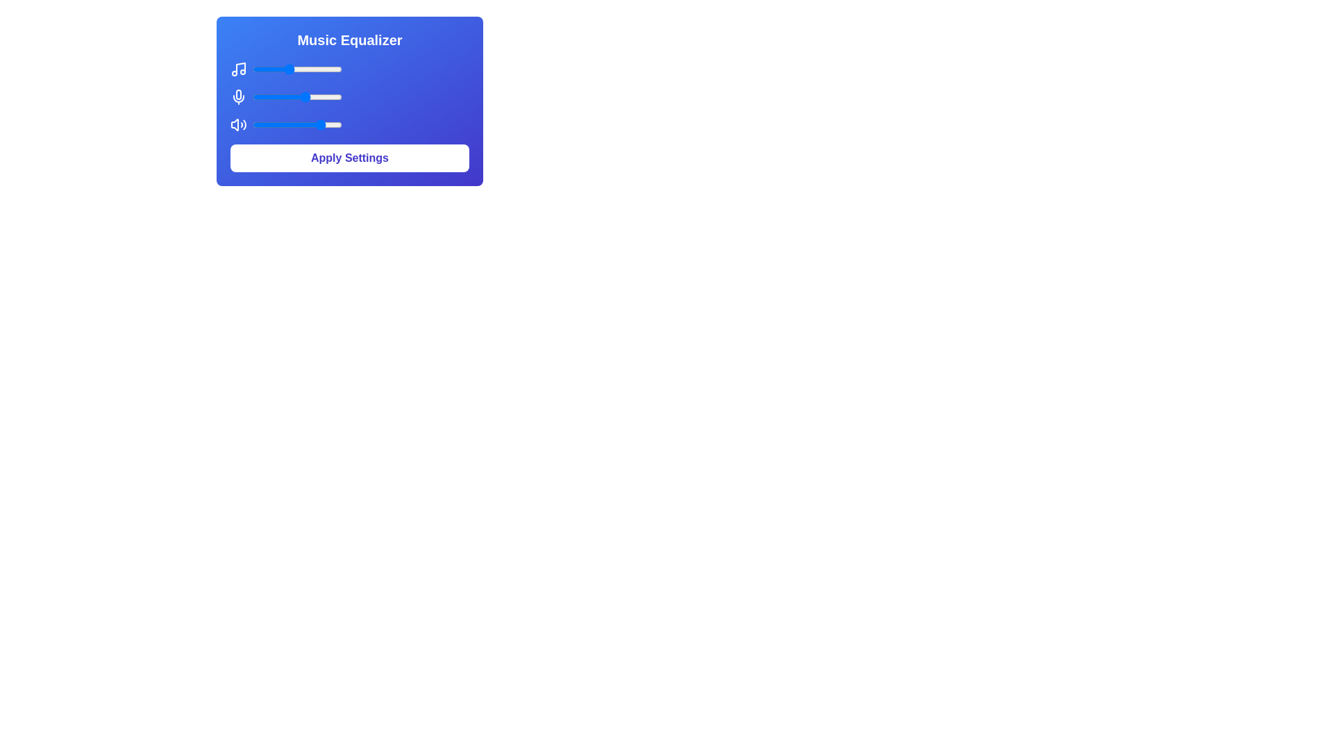 The width and height of the screenshot is (1333, 750). What do you see at coordinates (257, 96) in the screenshot?
I see `the slider value` at bounding box center [257, 96].